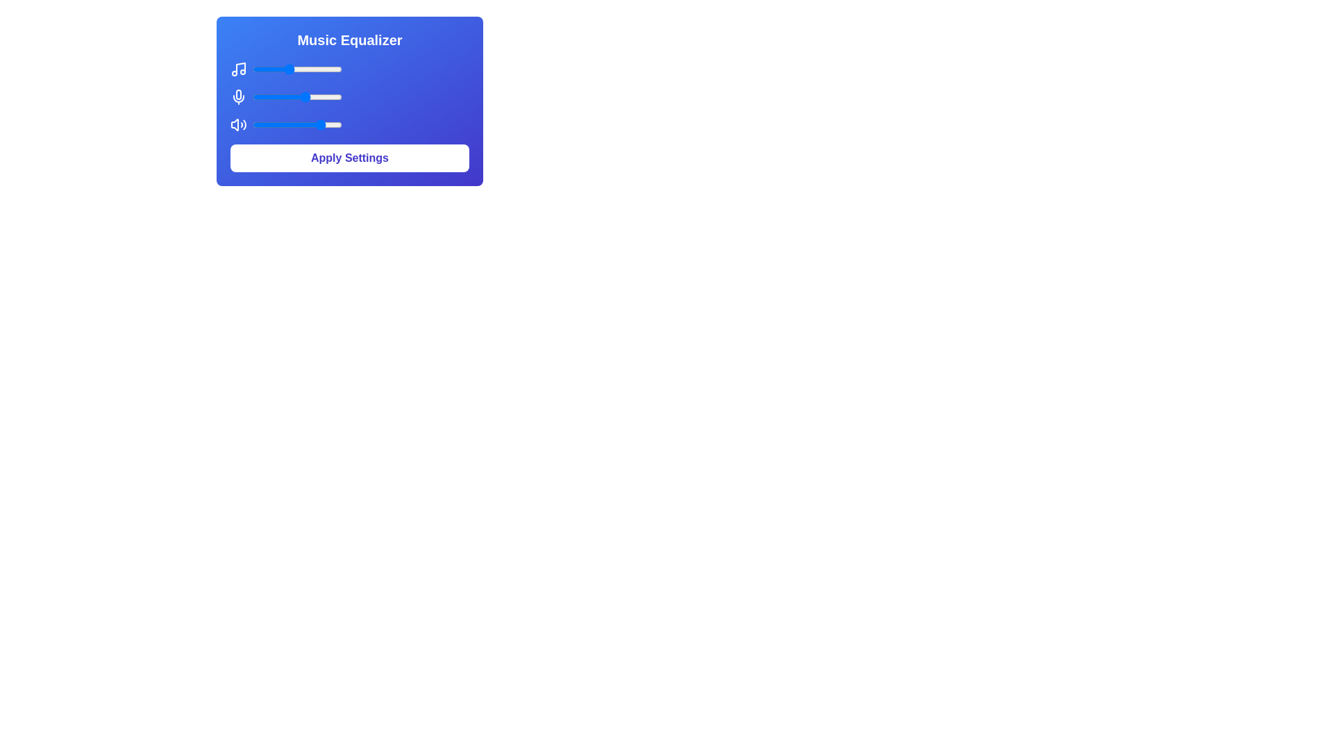 The width and height of the screenshot is (1333, 750). What do you see at coordinates (257, 96) in the screenshot?
I see `the slider value` at bounding box center [257, 96].